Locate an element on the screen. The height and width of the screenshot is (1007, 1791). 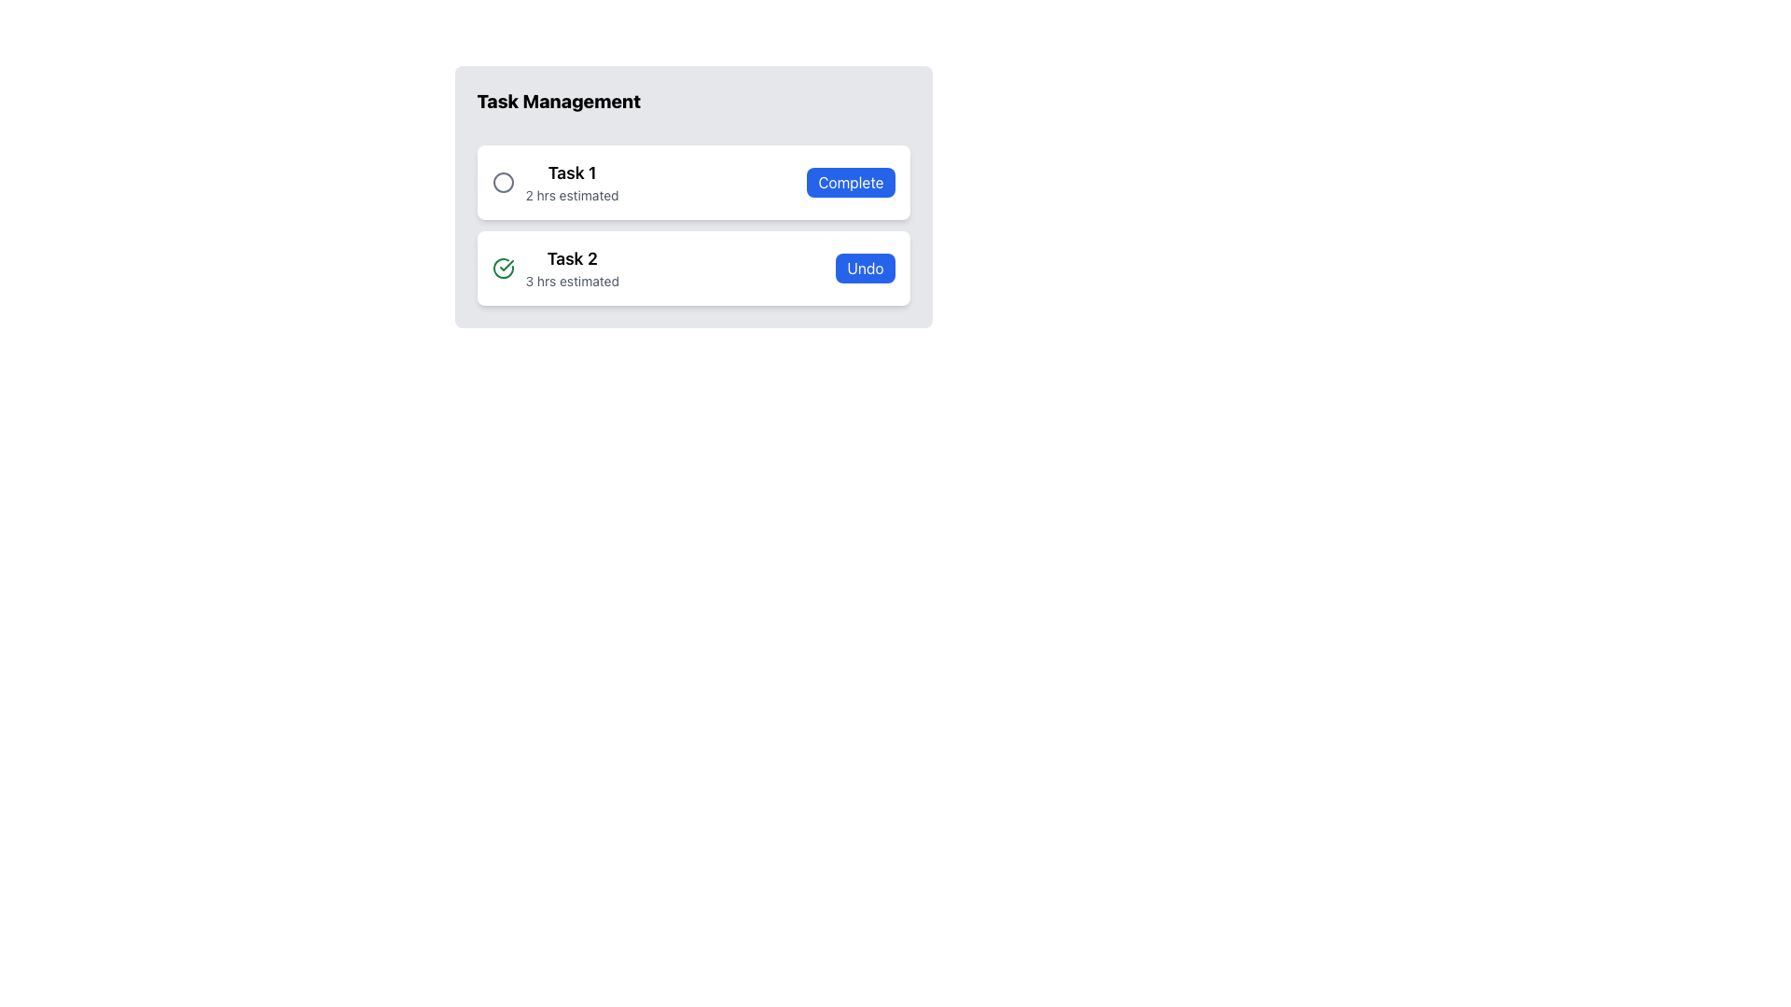
text content of the title label 'Task 1', which is located inside the first task entry component of the task management system, positioned above the subtitle '2 hrs estimated' is located at coordinates (571, 172).